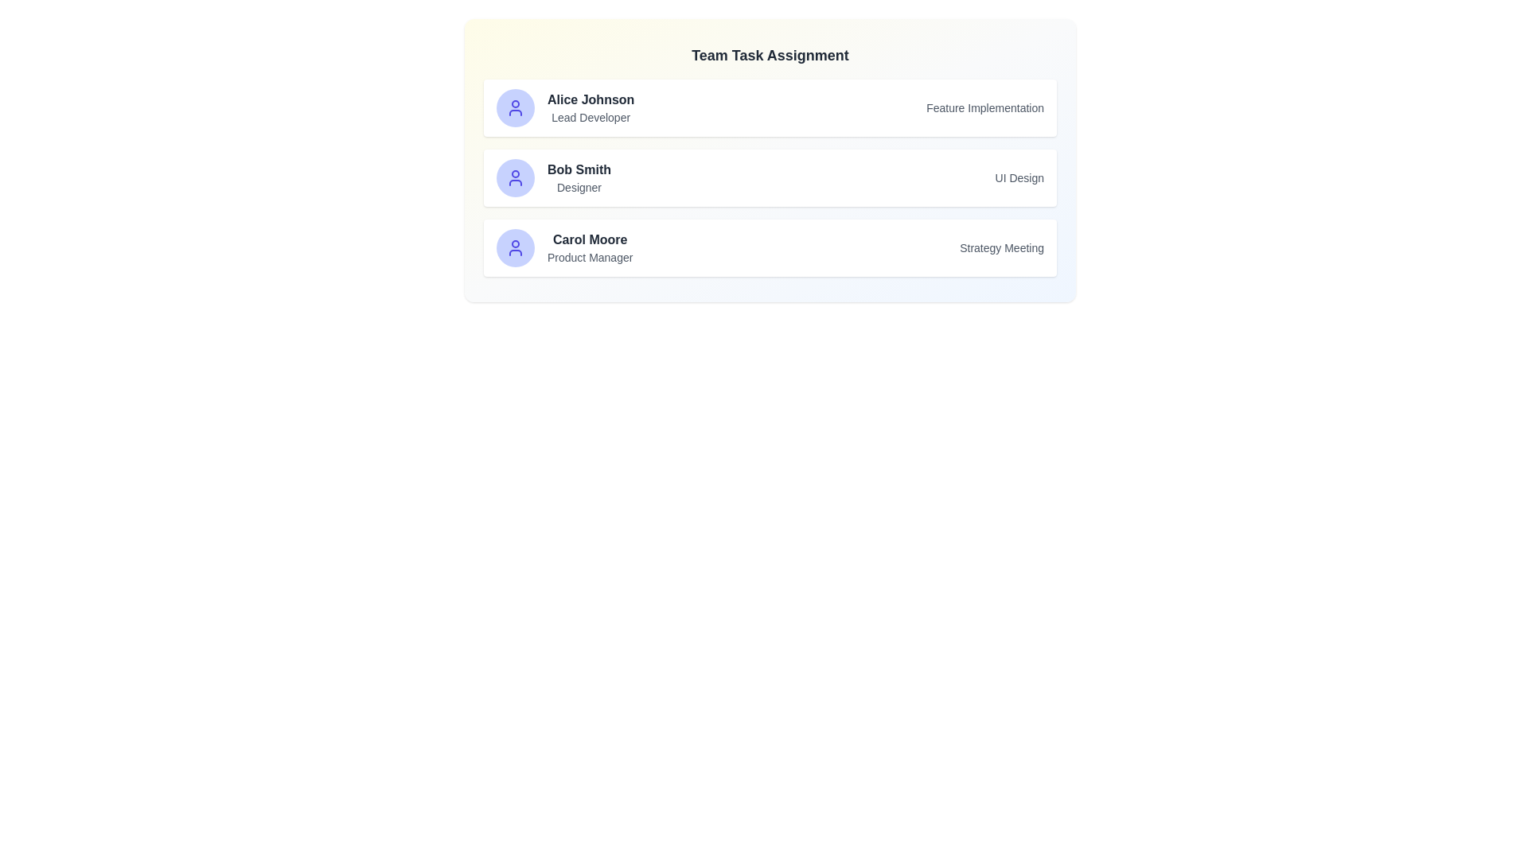 This screenshot has width=1528, height=859. What do you see at coordinates (564, 248) in the screenshot?
I see `the avatar of the Profile Card Item for 'Carol Moore', which is the third item in the list of users` at bounding box center [564, 248].